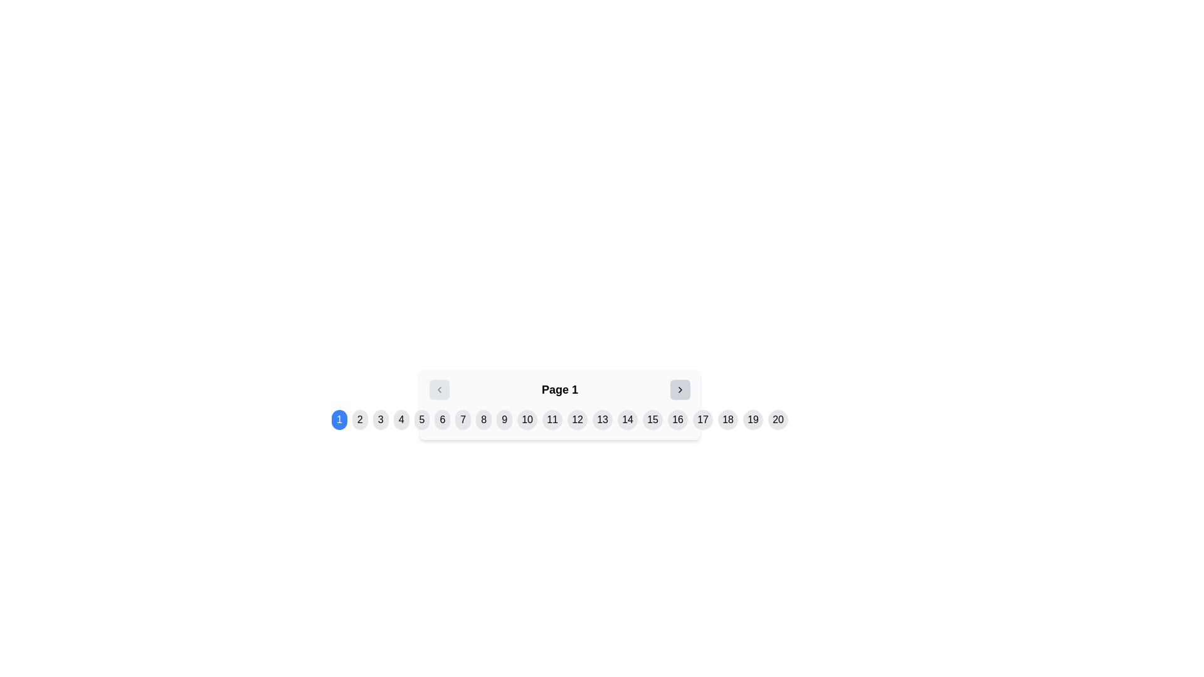 Image resolution: width=1204 pixels, height=677 pixels. I want to click on the circular button displaying the number '4' in the pagination row, which is located below the main content area, so click(401, 420).